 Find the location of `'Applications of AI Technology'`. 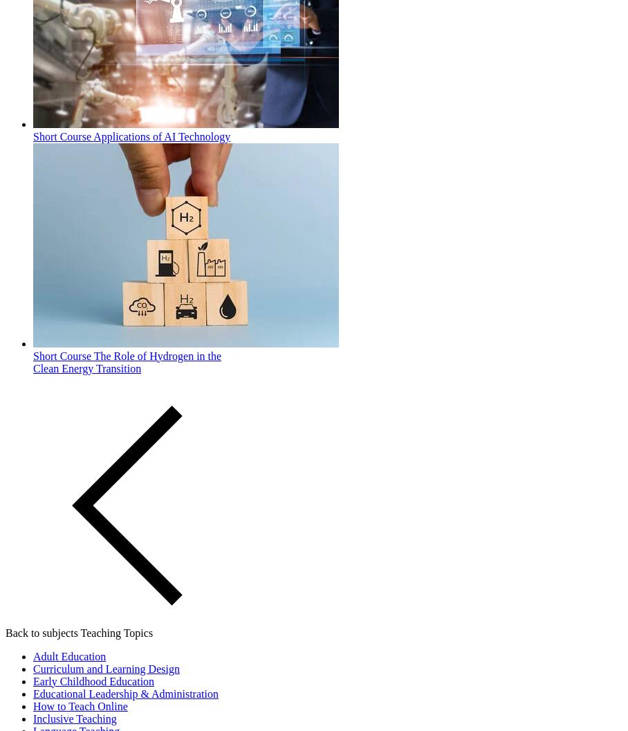

'Applications of AI Technology' is located at coordinates (160, 136).